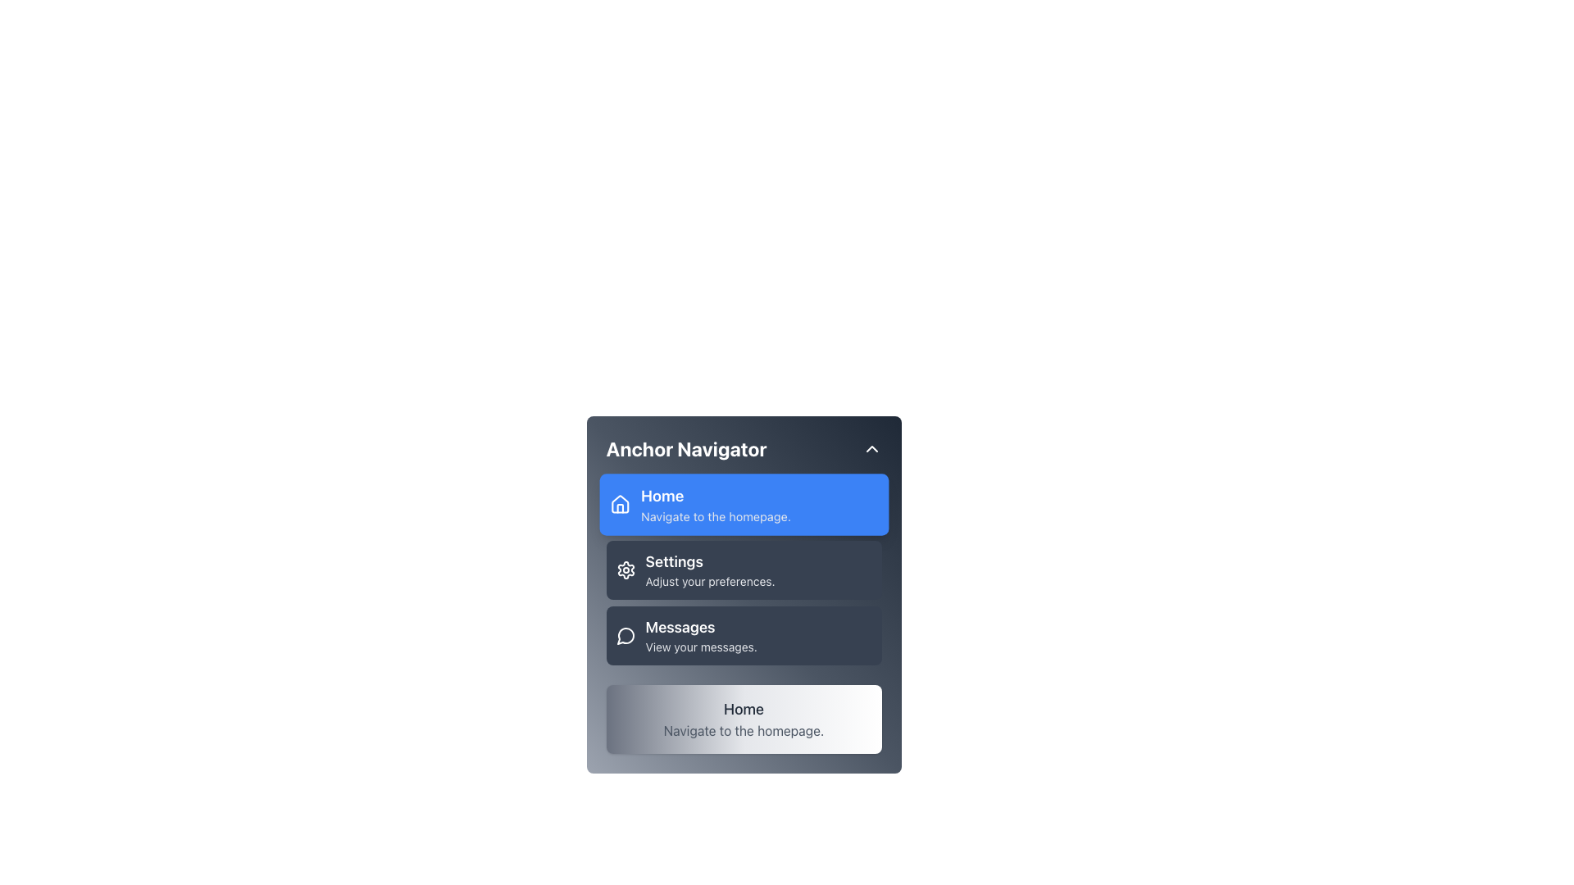 This screenshot has width=1574, height=885. I want to click on the circular icon with an inward arrow detail in the 'Messages' menu item, located adjacent to the label text, so click(625, 635).